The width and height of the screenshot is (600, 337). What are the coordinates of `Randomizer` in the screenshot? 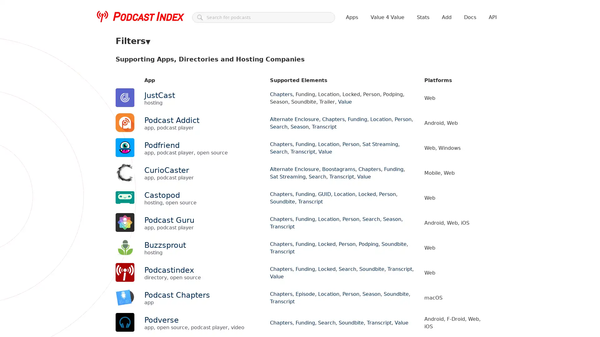 It's located at (412, 94).